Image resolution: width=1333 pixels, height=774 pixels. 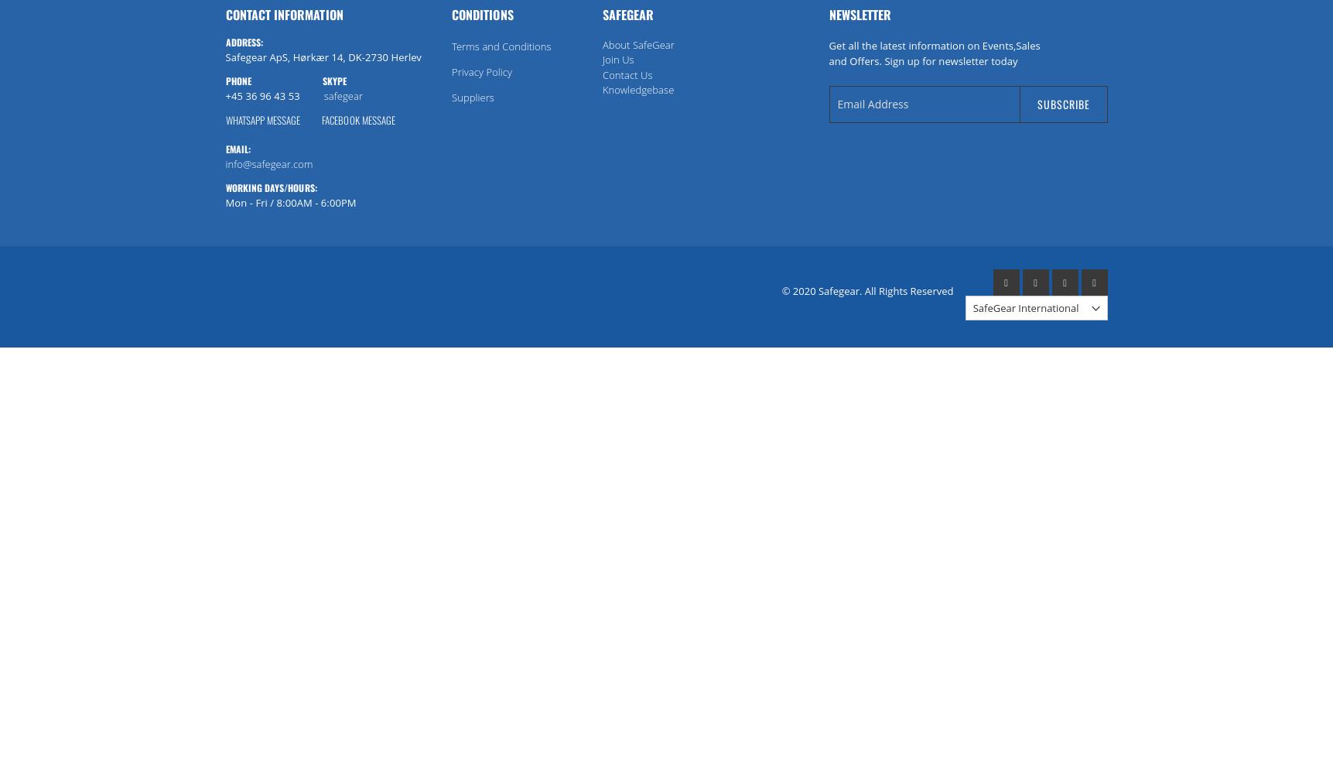 I want to click on 'About SafeGear', so click(x=637, y=44).